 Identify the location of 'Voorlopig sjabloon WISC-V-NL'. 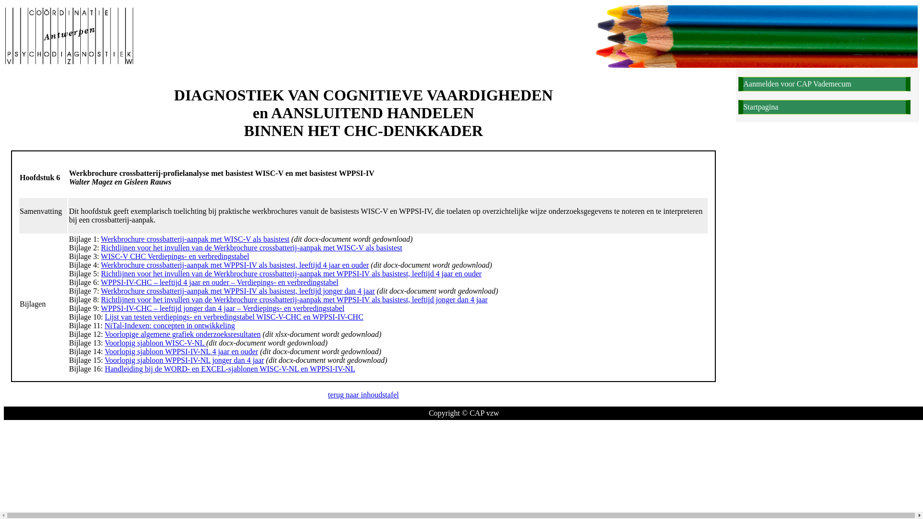
(155, 342).